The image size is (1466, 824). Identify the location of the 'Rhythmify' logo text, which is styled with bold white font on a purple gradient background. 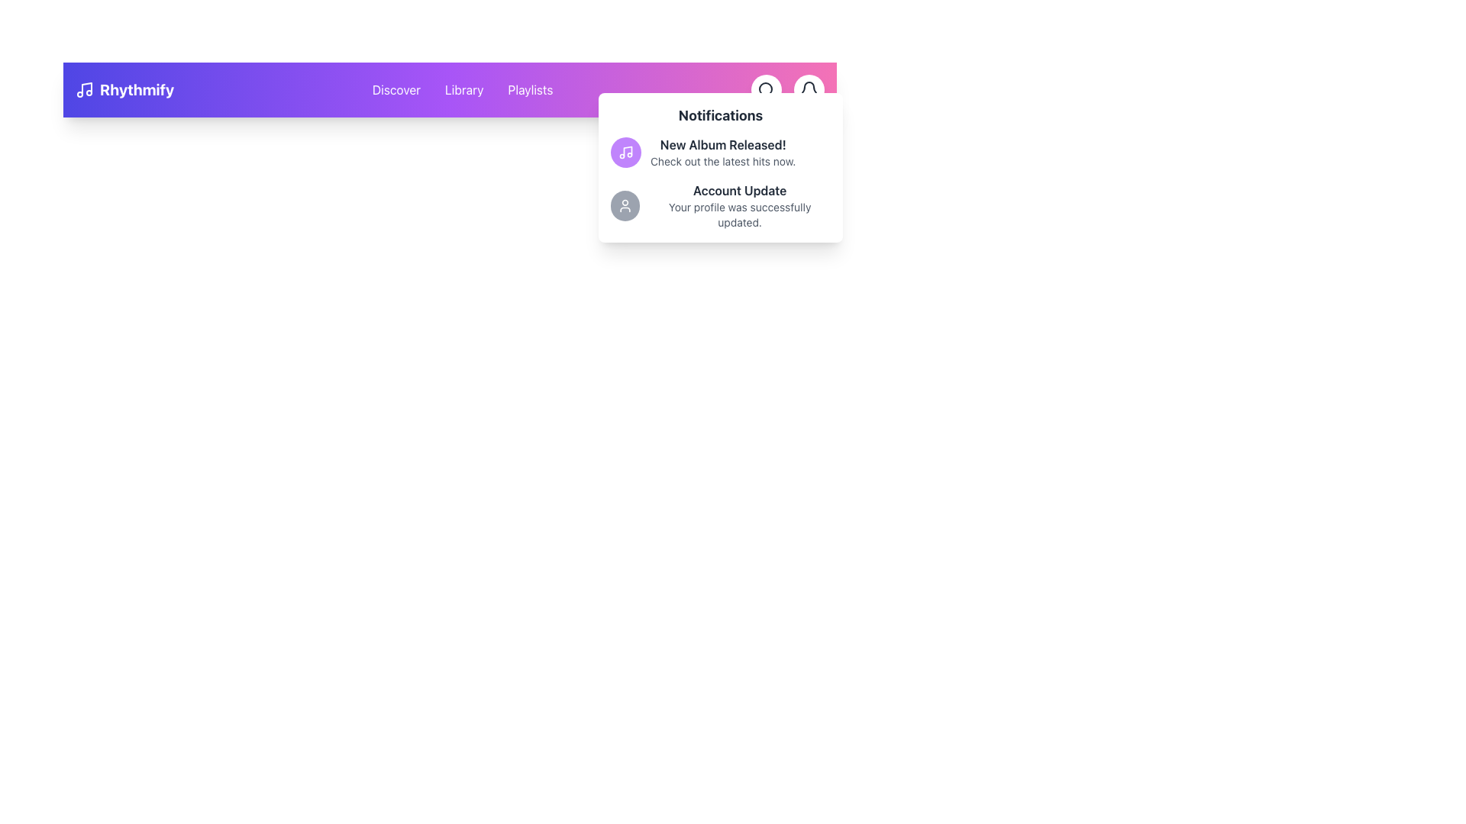
(124, 90).